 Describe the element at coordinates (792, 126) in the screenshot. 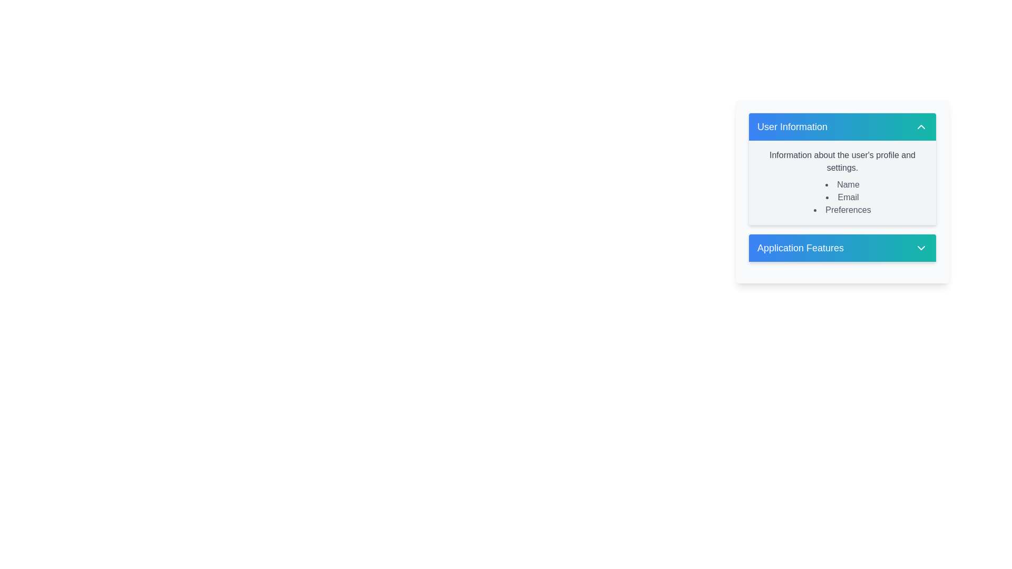

I see `the content associated with the 'User Information' section card, indicated by the descriptive label centrally aligned in the gradient header` at that location.